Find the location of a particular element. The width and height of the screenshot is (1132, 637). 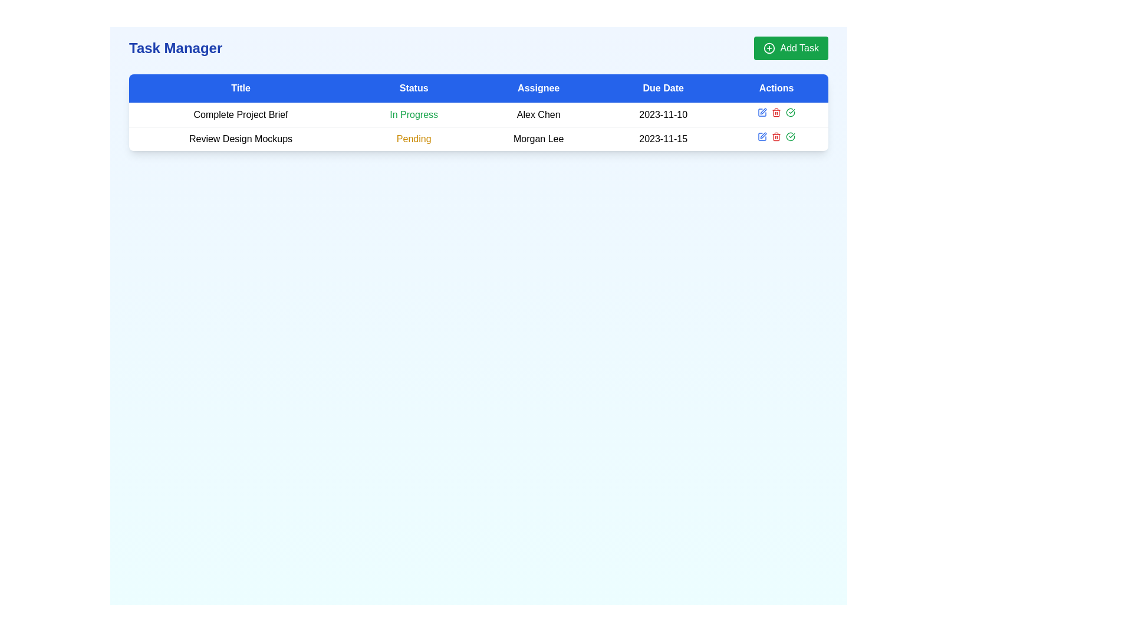

the 'Assignee' text label/header, which is the third tab from the left in the header row, positioned between the 'Status' and 'Due Date' tabs, displayed in white font against a blue background is located at coordinates (538, 88).